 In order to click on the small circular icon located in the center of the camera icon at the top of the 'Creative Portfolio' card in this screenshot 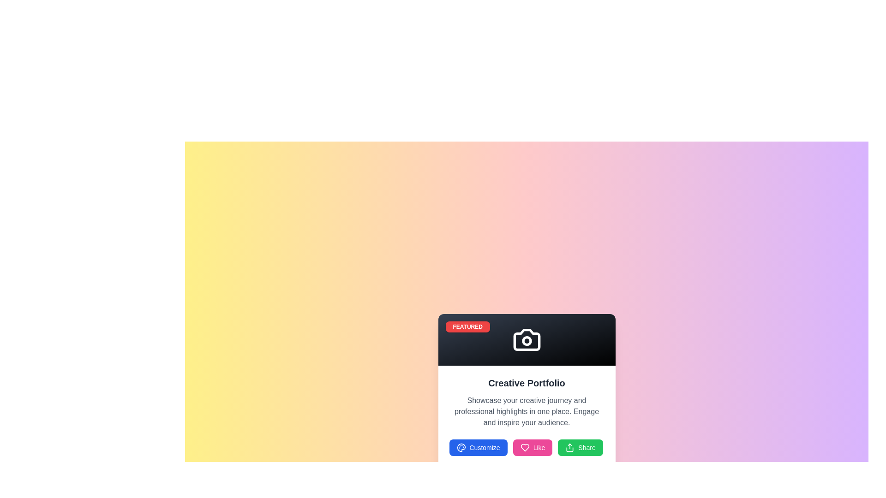, I will do `click(527, 341)`.